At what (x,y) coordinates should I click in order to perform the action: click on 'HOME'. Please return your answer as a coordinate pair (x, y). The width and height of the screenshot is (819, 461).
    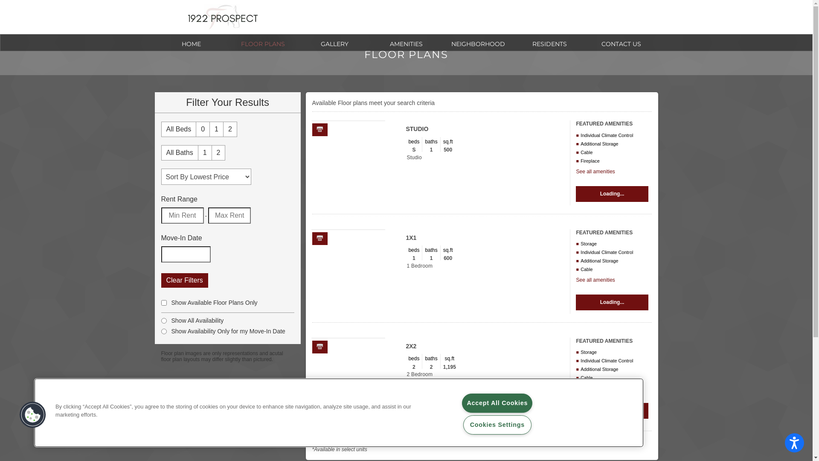
    Looking at the image, I should click on (190, 43).